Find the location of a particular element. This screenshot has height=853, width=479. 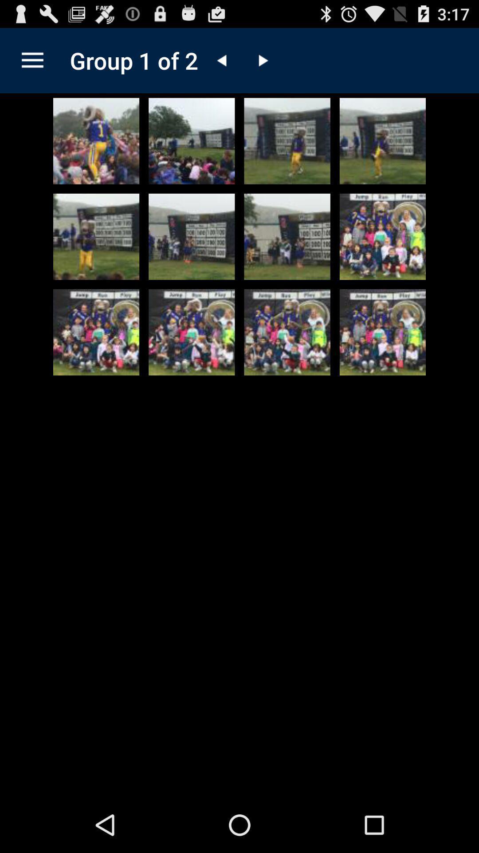

open image is located at coordinates (382, 332).